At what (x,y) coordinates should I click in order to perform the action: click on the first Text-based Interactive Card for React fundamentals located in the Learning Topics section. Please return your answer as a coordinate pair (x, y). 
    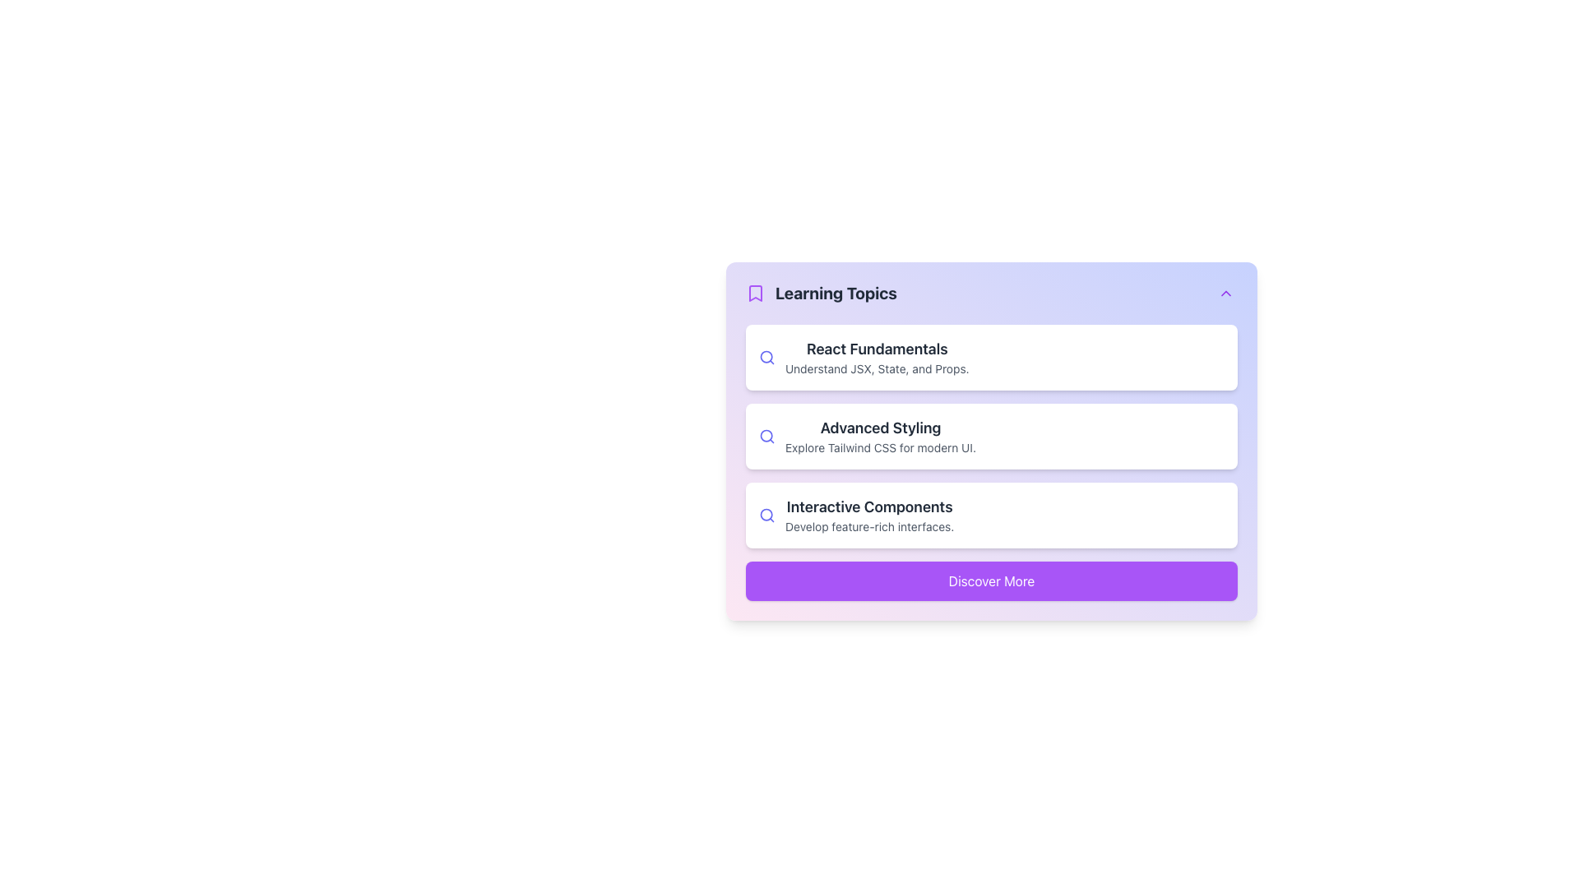
    Looking at the image, I should click on (876, 357).